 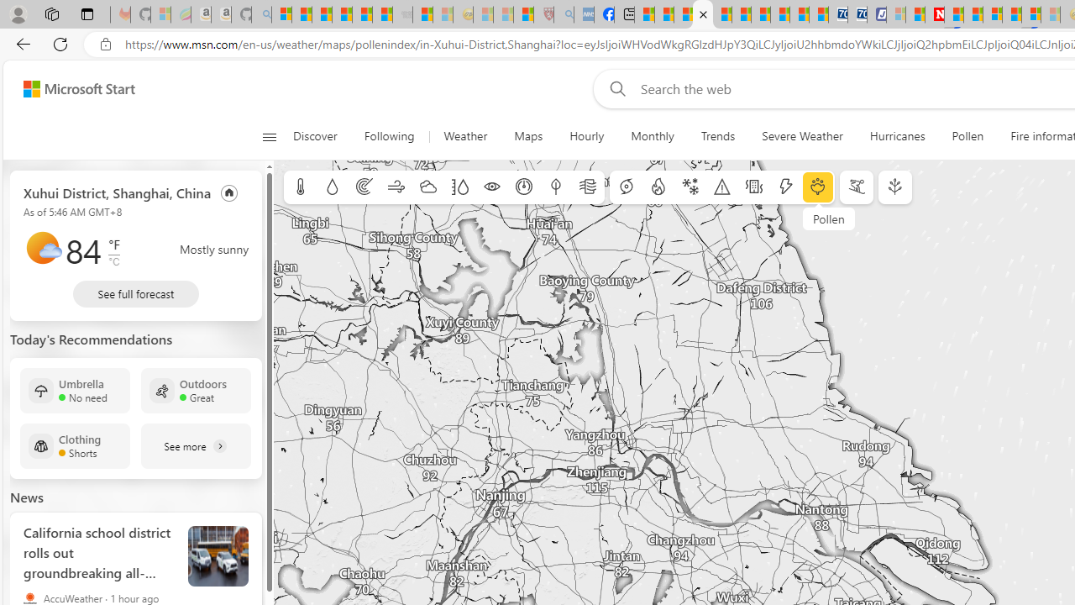 I want to click on 'Latest Politics News & Archive | Newsweek.com', so click(x=933, y=14).